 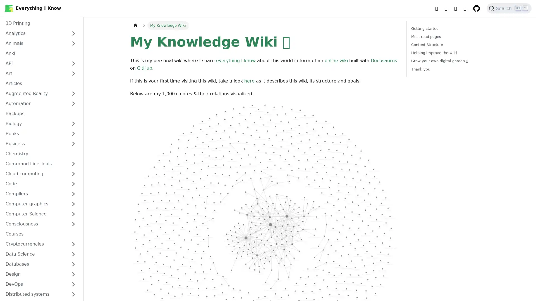 What do you see at coordinates (73, 294) in the screenshot?
I see `Toggle the collapsible sidebar category 'Distributed systems'` at bounding box center [73, 294].